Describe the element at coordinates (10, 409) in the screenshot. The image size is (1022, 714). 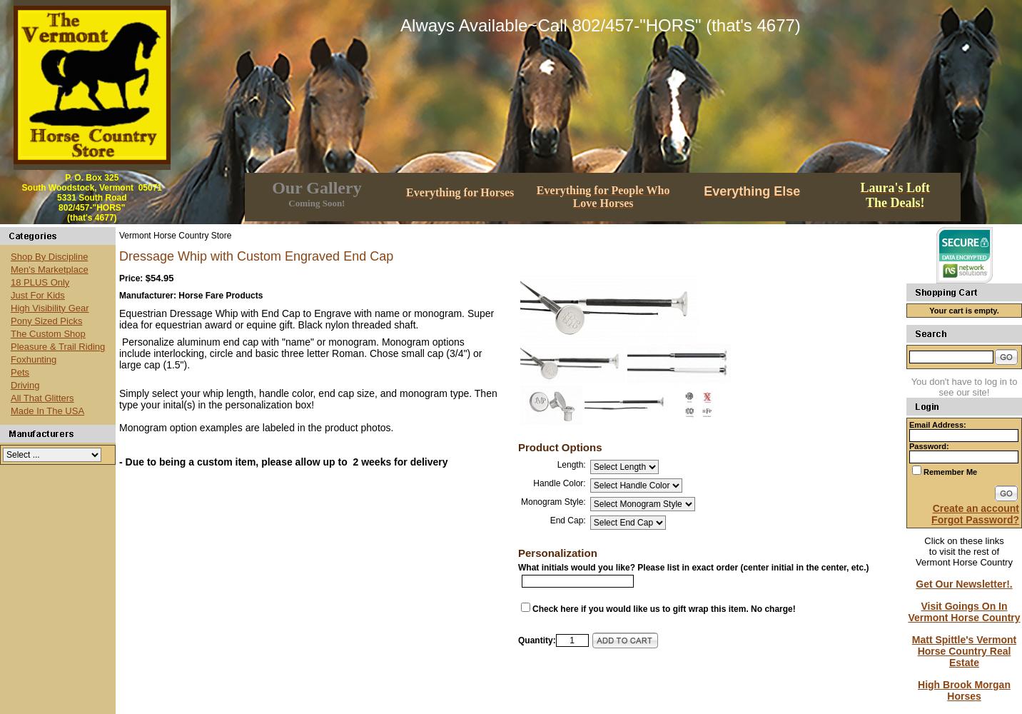
I see `'Made In The USA'` at that location.